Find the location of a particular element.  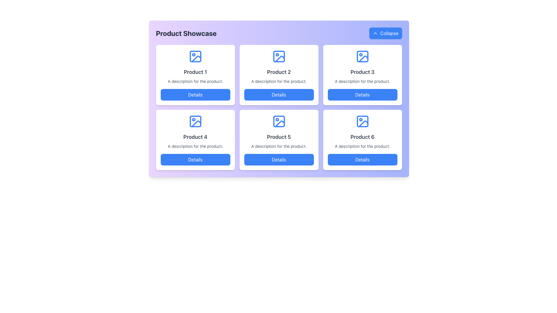

the 'Details' button with white text on a blue background located in the 'Product 6' card in the bottom-right corner of the grid is located at coordinates (362, 160).